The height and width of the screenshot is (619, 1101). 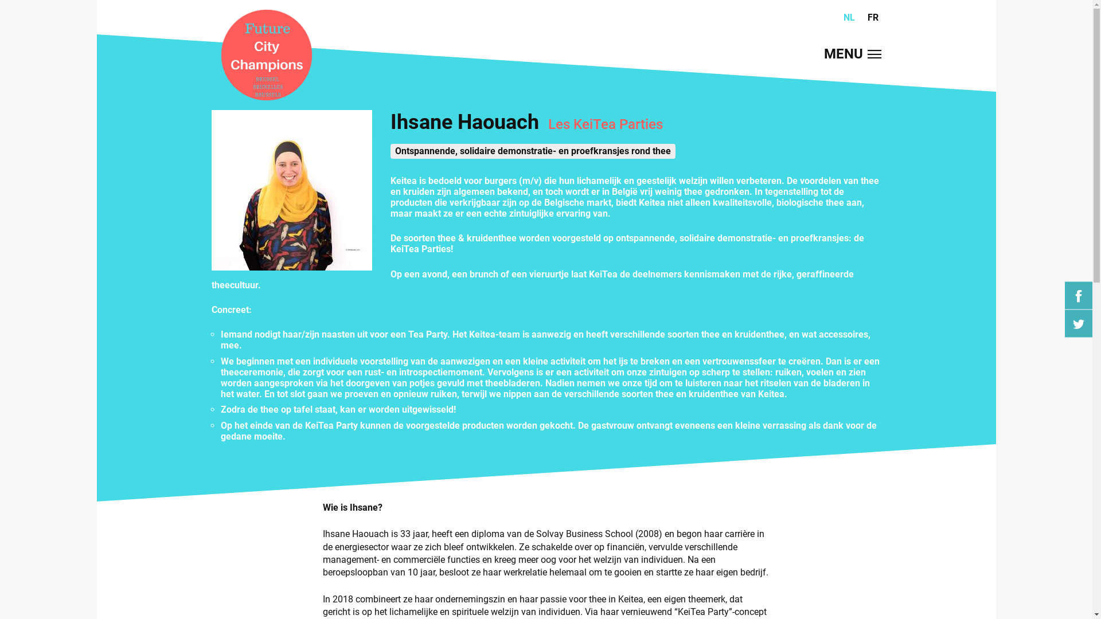 I want to click on 'facebook', so click(x=1078, y=295).